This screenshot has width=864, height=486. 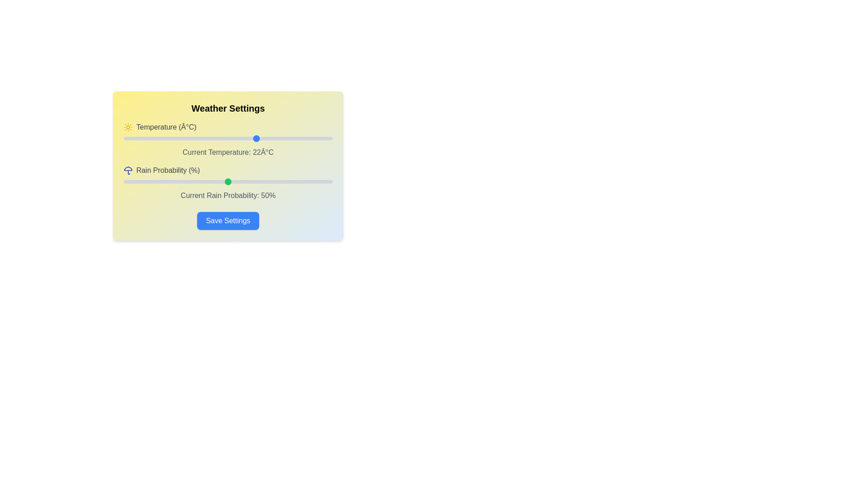 I want to click on the temperature slider to 9 degrees Celsius, so click(x=202, y=139).